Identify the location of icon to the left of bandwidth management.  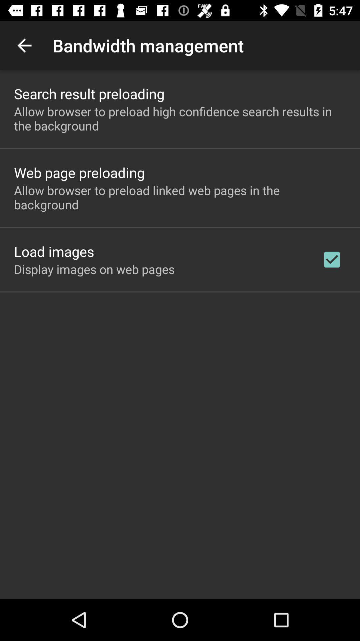
(24, 45).